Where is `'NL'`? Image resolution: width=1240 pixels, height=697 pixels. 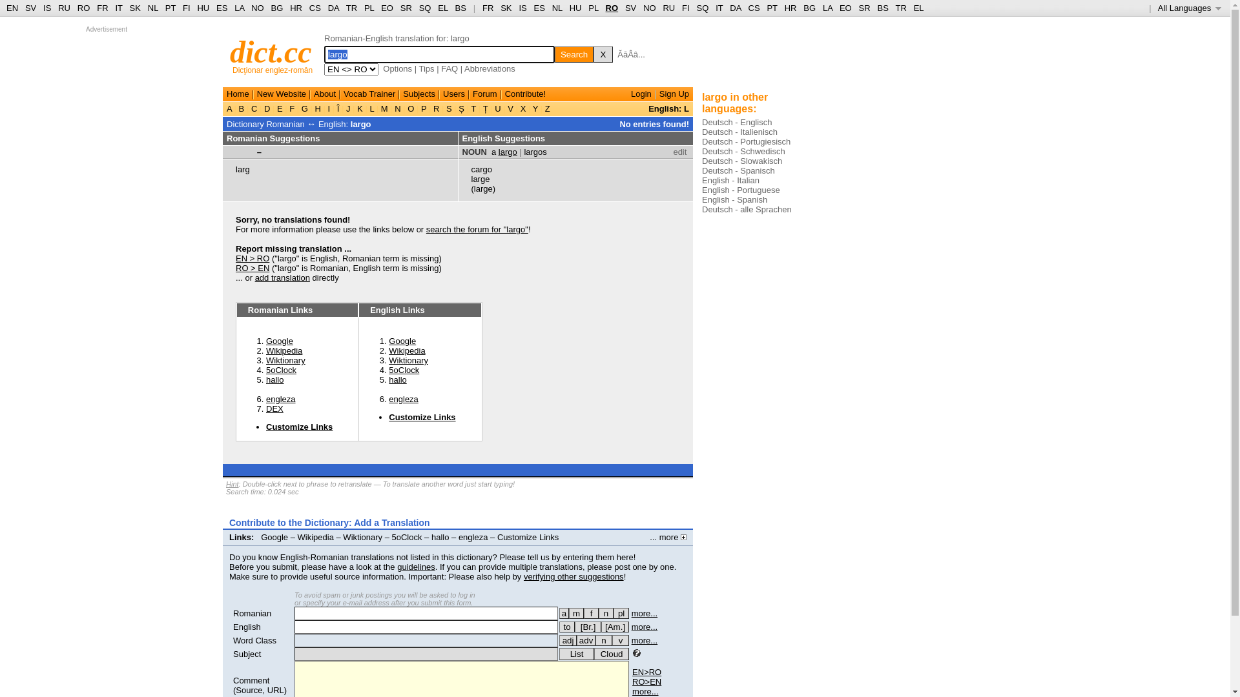
'NL' is located at coordinates (152, 8).